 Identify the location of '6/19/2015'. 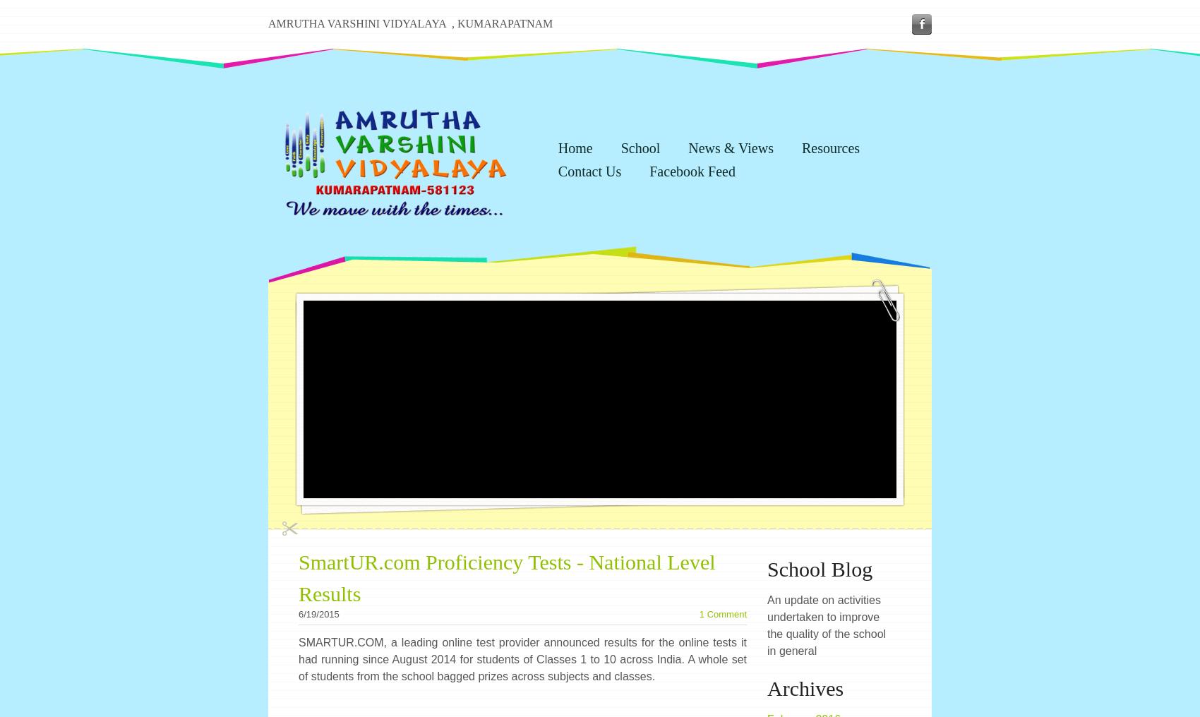
(318, 614).